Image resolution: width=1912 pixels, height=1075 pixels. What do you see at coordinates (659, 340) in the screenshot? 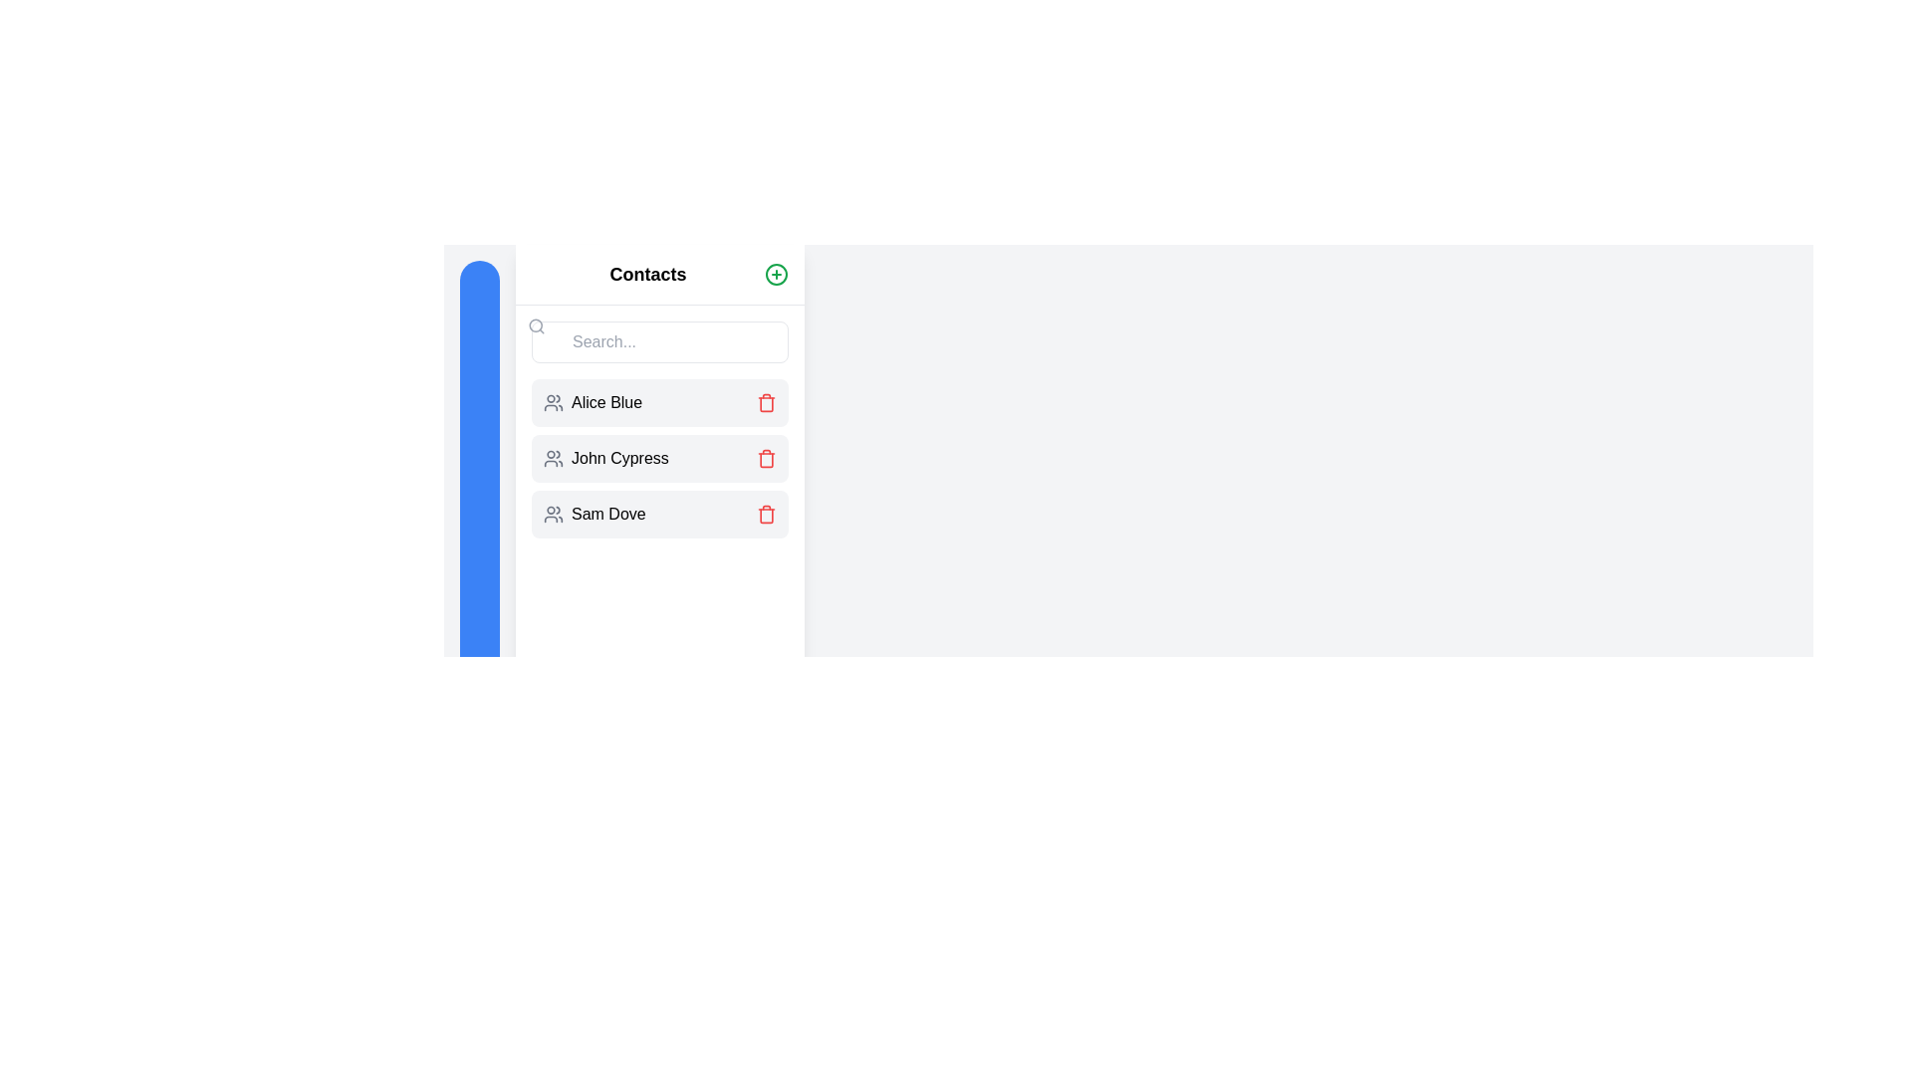
I see `the search input field located below the 'Contacts' title` at bounding box center [659, 340].